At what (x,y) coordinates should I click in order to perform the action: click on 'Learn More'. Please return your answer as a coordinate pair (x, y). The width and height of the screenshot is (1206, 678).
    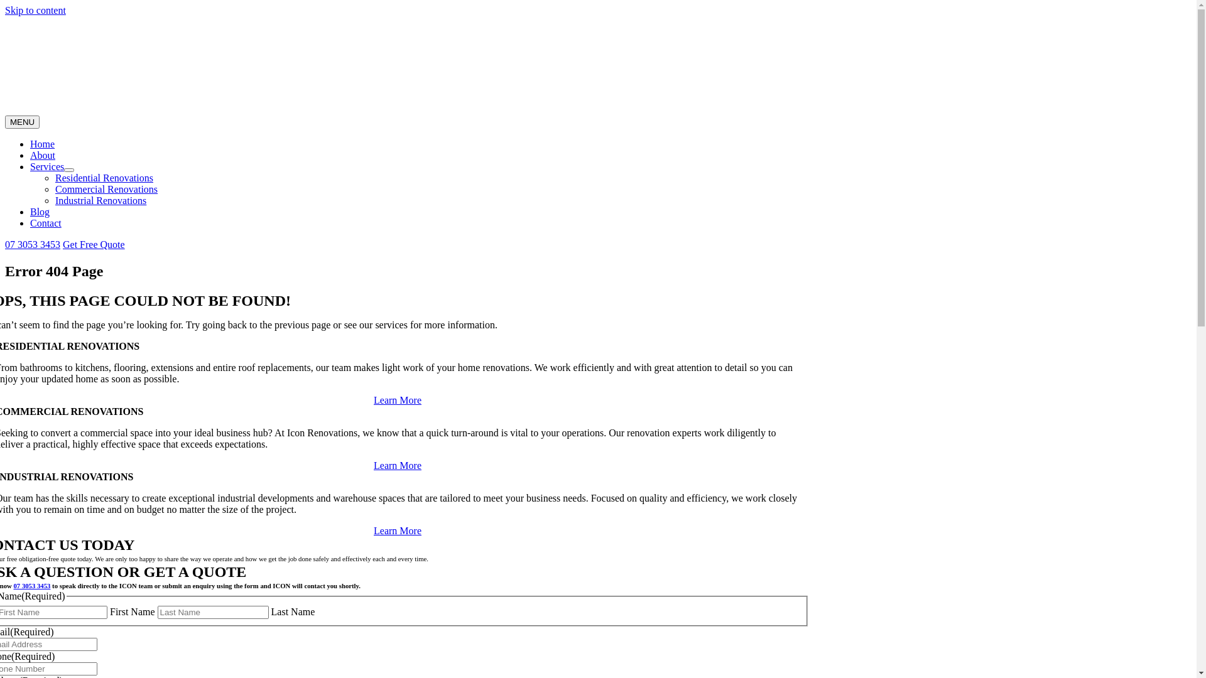
    Looking at the image, I should click on (397, 400).